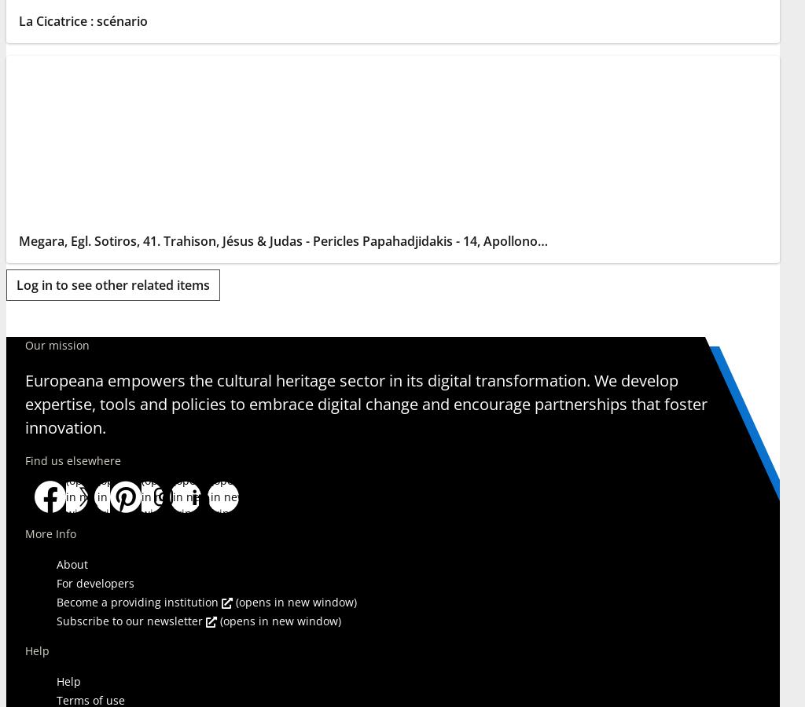 The width and height of the screenshot is (805, 707). What do you see at coordinates (55, 562) in the screenshot?
I see `'About'` at bounding box center [55, 562].